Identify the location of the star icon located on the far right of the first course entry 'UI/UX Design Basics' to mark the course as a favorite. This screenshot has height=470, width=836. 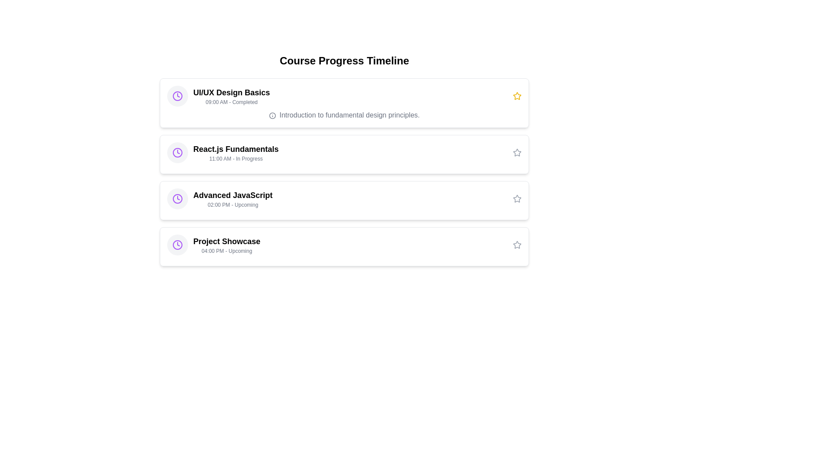
(516, 95).